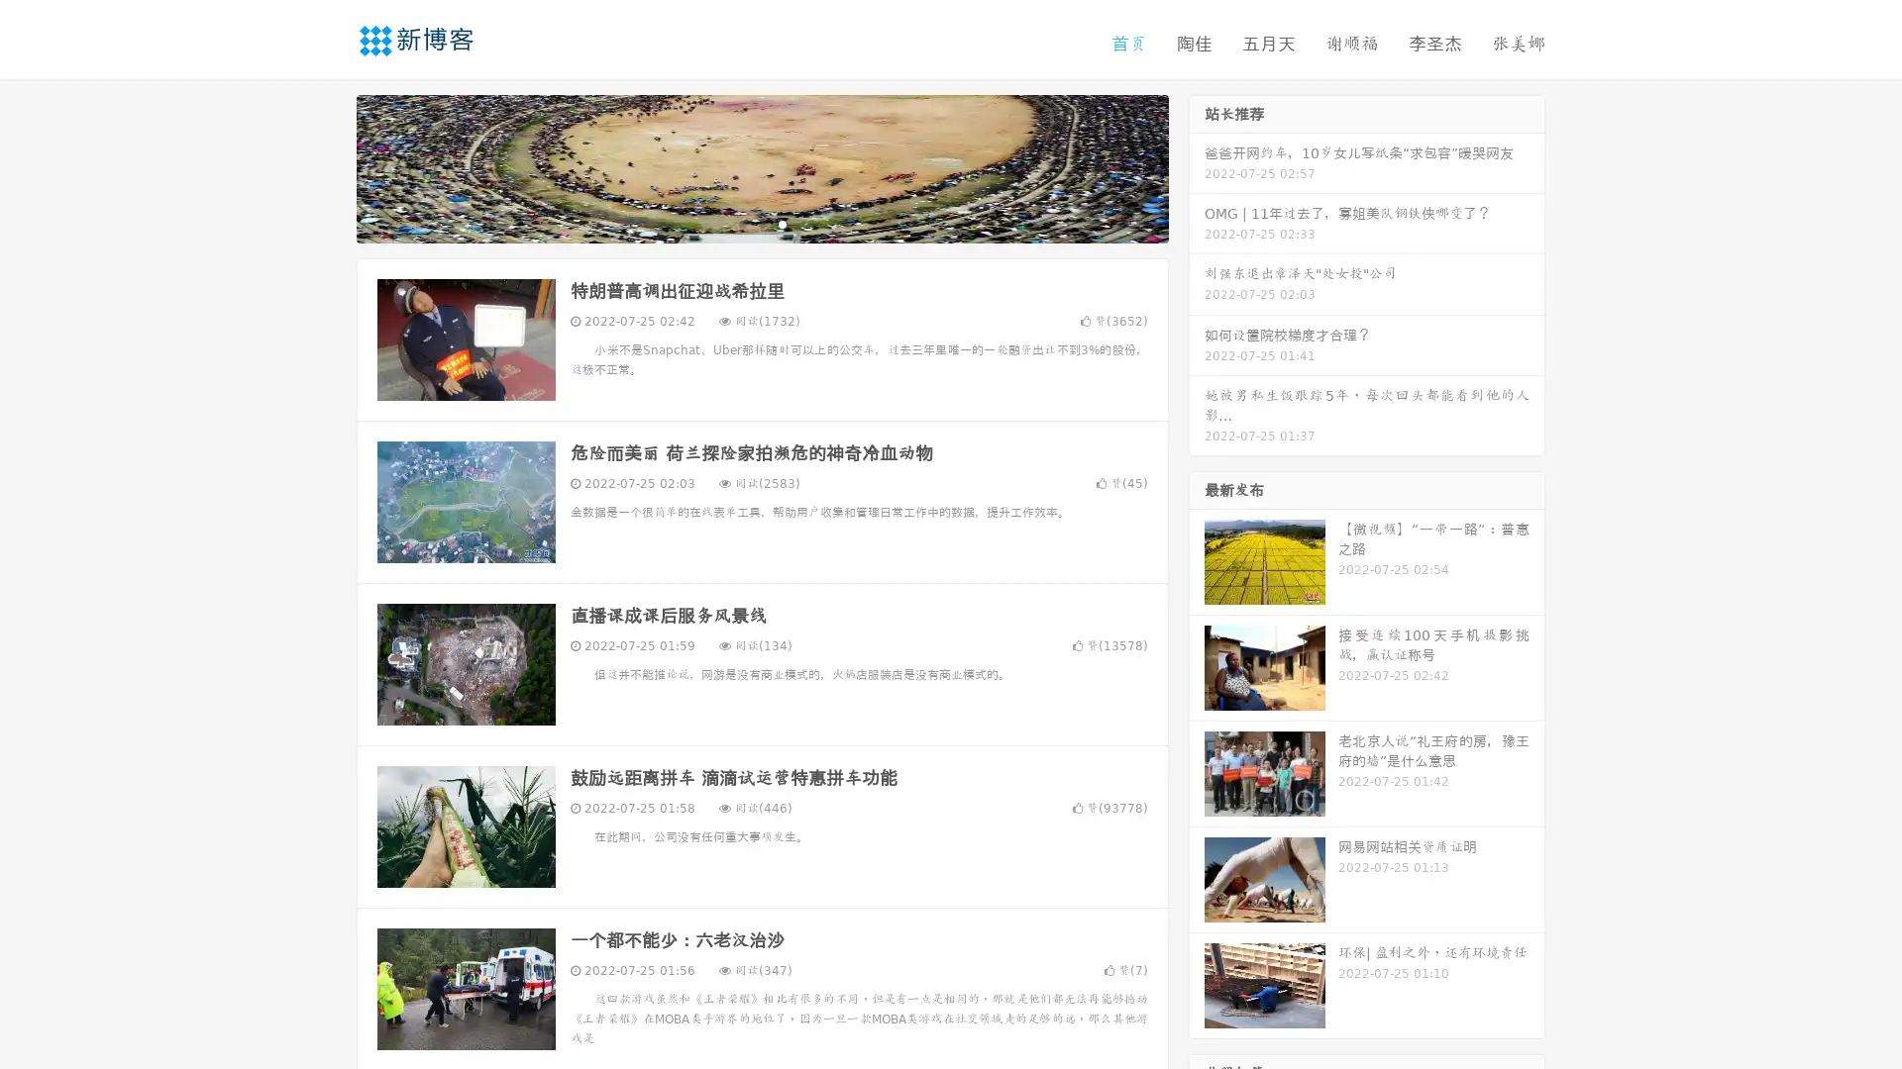 The width and height of the screenshot is (1902, 1069). What do you see at coordinates (782, 223) in the screenshot?
I see `Go to slide 3` at bounding box center [782, 223].